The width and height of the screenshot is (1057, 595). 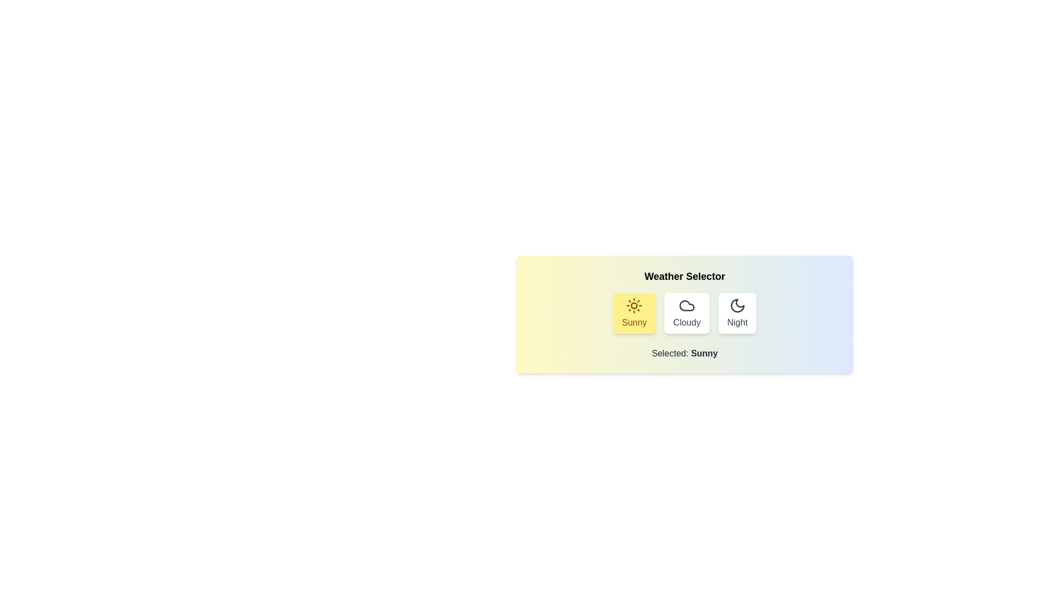 What do you see at coordinates (634, 313) in the screenshot?
I see `the weather option Sunny by clicking on its corresponding button` at bounding box center [634, 313].